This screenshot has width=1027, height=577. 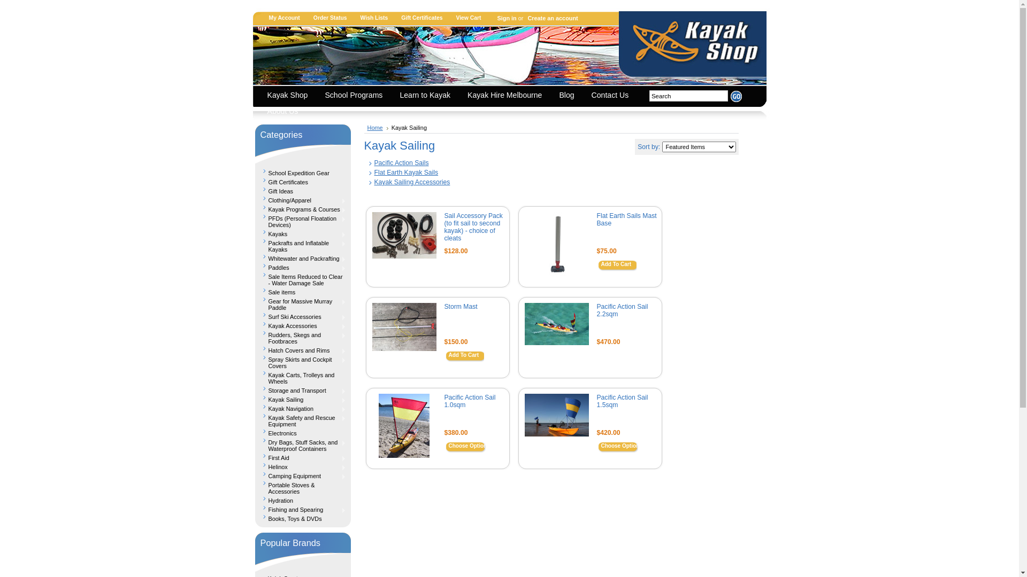 I want to click on 'School Expedition Gear', so click(x=302, y=171).